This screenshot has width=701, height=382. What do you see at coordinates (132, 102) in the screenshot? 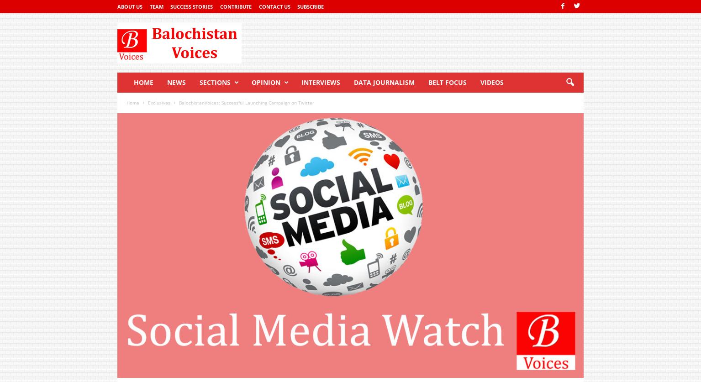
I see `'Home'` at bounding box center [132, 102].